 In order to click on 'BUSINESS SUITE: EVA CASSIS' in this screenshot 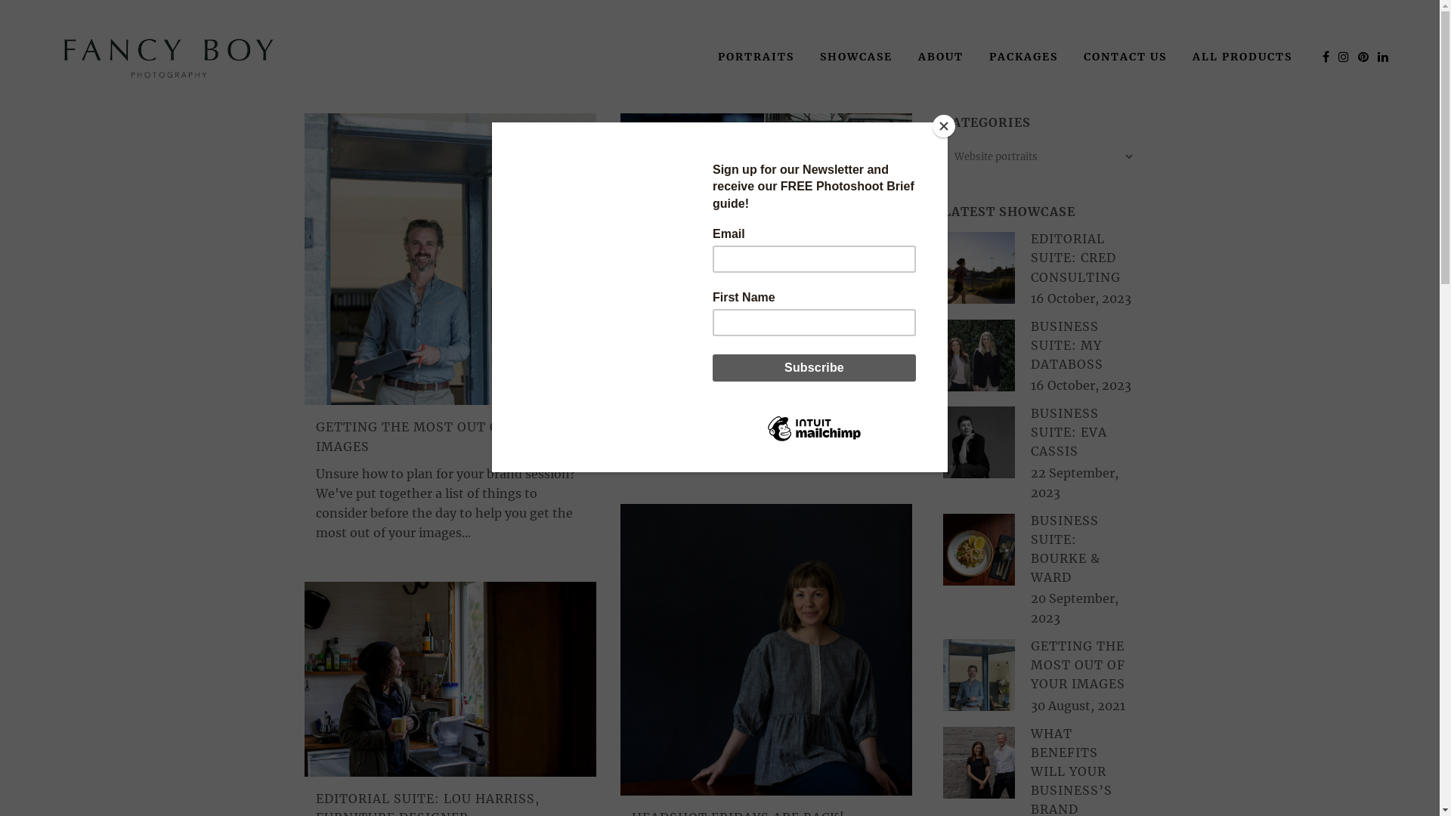, I will do `click(1068, 431)`.